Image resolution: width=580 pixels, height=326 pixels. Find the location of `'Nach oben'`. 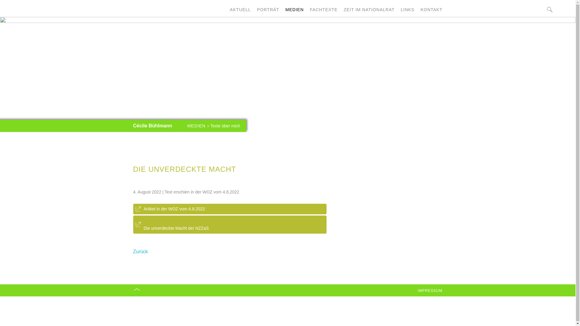

'Nach oben' is located at coordinates (136, 290).